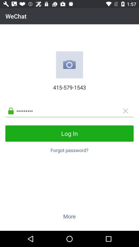  I want to click on forgot password? button, so click(69, 149).